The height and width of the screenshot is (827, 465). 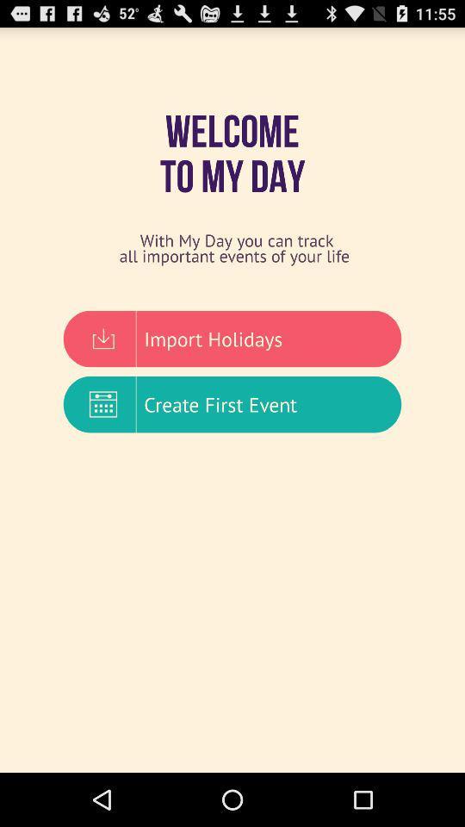 I want to click on item above create first event, so click(x=232, y=338).